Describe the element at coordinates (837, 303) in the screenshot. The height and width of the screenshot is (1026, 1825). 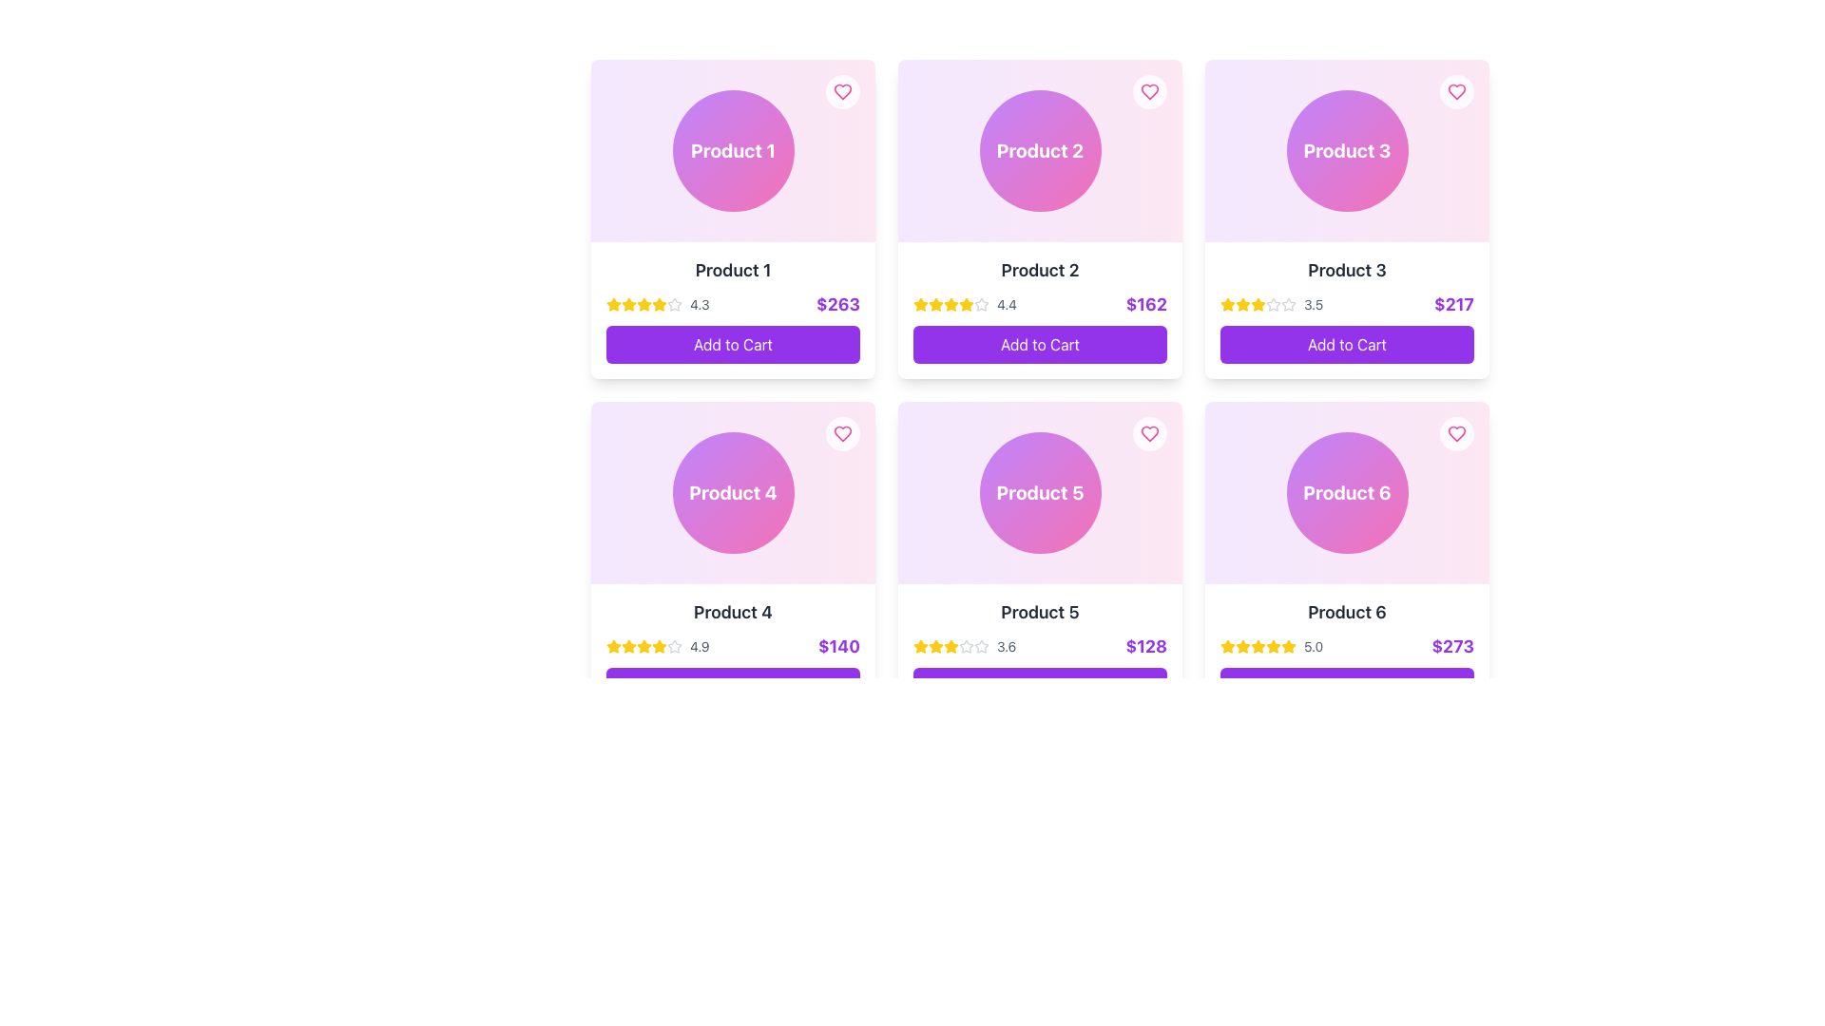
I see `the text label displaying the amount '$263' in bold purple font, located at the bottom-right corner of the 'Product 1' card above the 'Add to Cart' button` at that location.